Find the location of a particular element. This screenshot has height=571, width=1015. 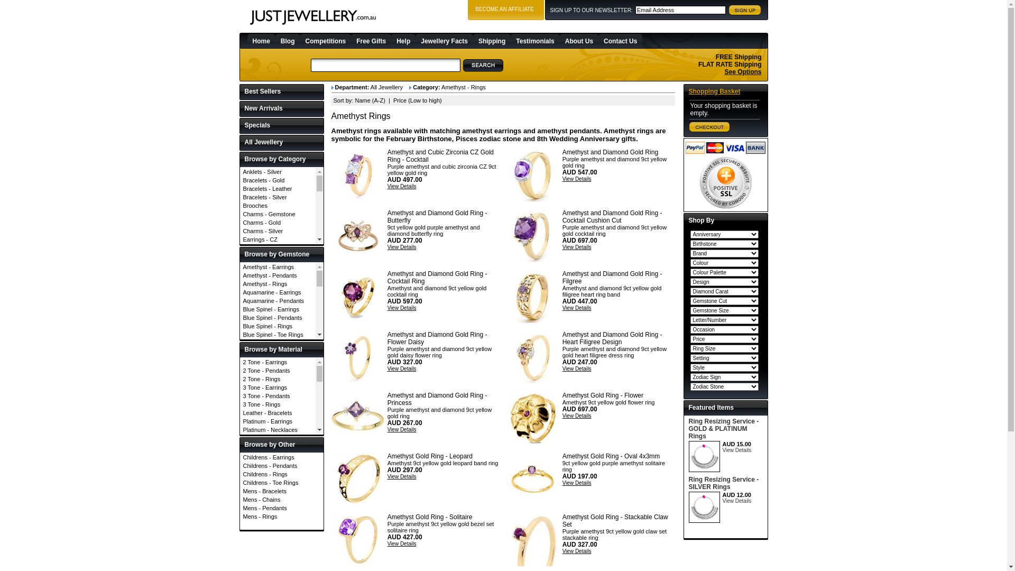

'Bracelets - Leather' is located at coordinates (239, 188).